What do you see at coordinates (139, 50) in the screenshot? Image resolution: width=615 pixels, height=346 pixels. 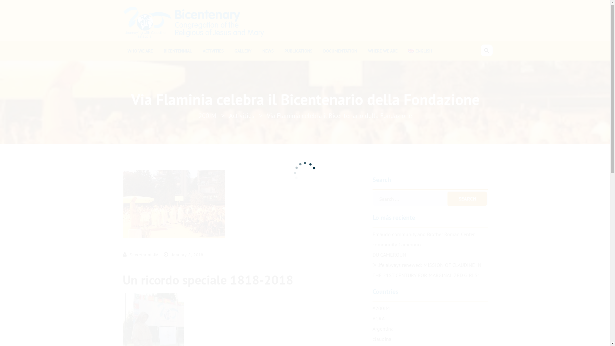 I see `'WHO WE ARE'` at bounding box center [139, 50].